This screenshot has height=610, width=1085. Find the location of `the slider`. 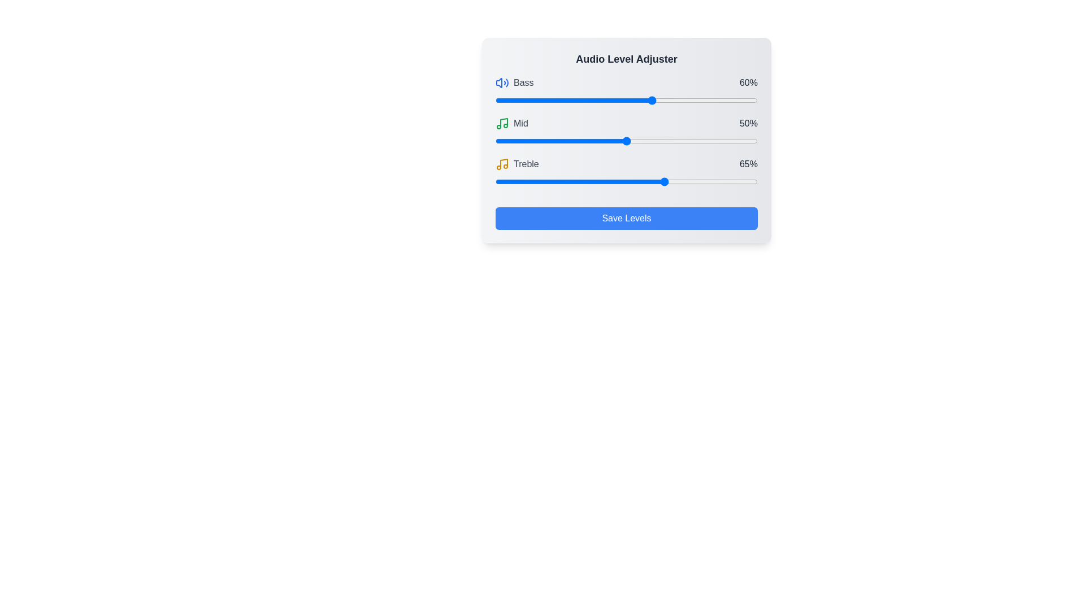

the slider is located at coordinates (684, 181).